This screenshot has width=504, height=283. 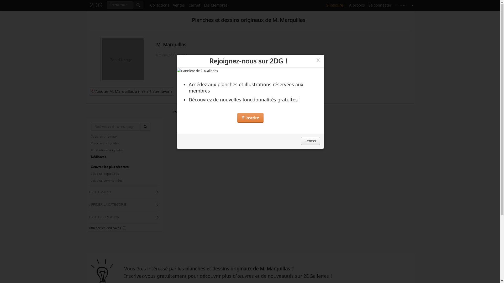 What do you see at coordinates (124, 204) in the screenshot?
I see `'AFFINER LA CATEGORIE'` at bounding box center [124, 204].